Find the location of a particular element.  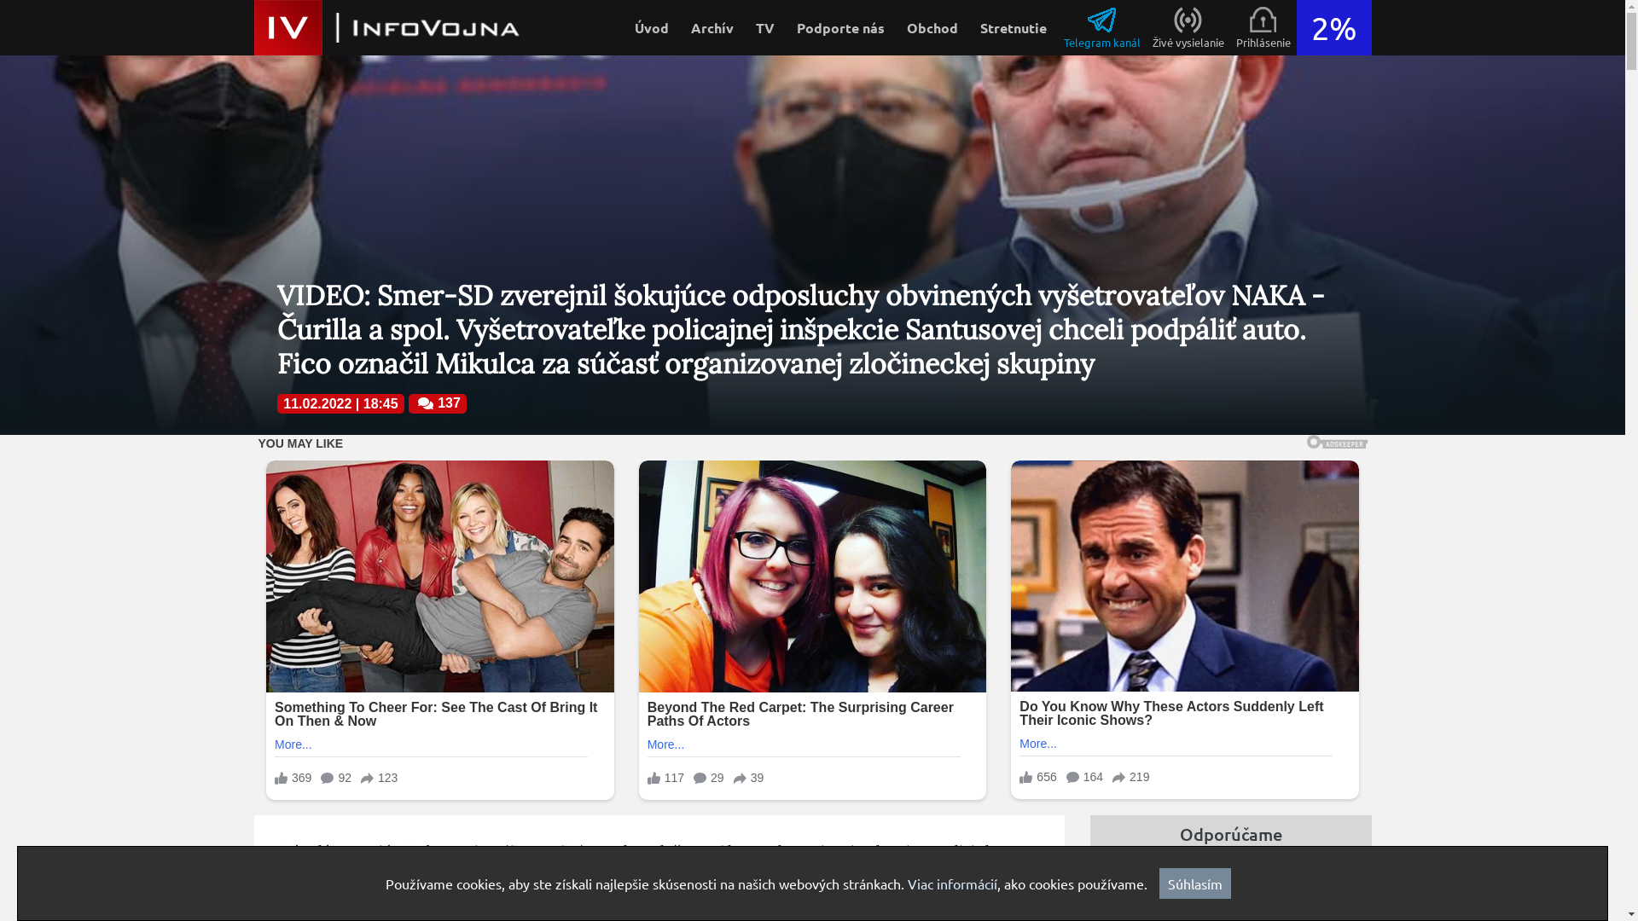

'2%' is located at coordinates (1333, 27).